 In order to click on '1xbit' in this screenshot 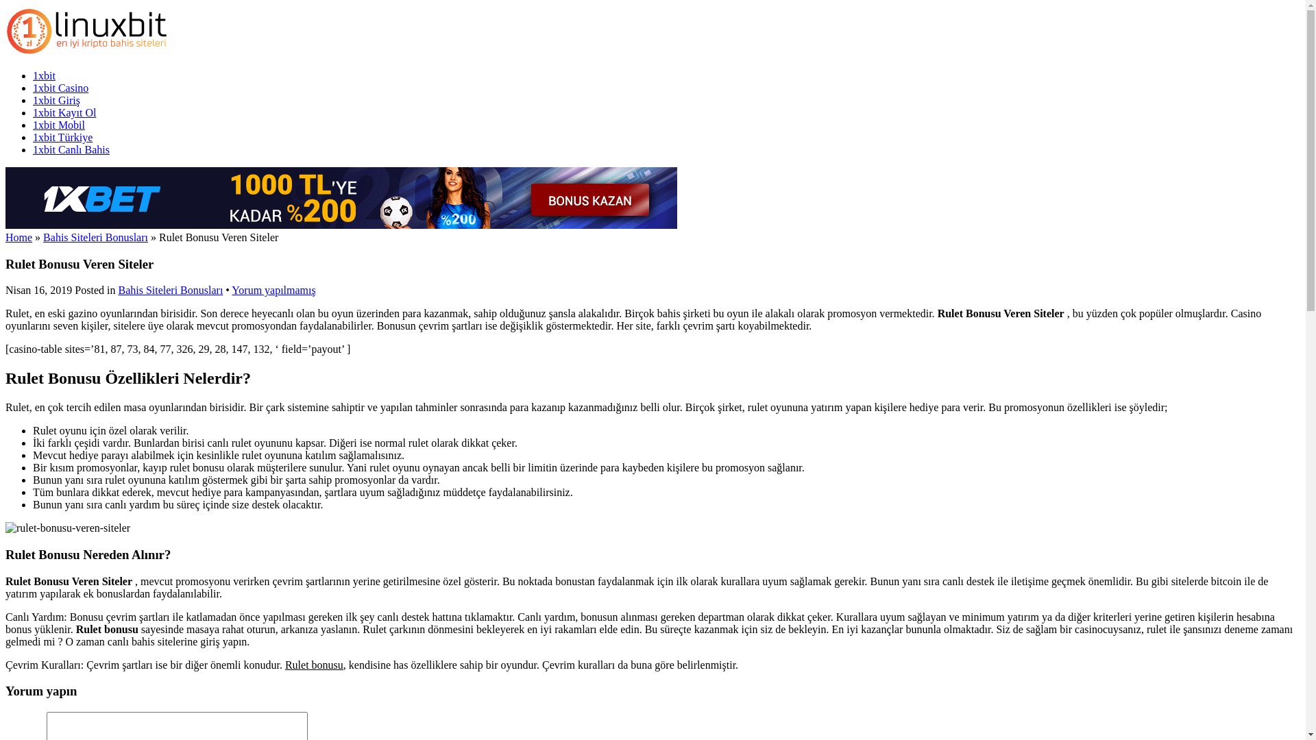, I will do `click(88, 51)`.